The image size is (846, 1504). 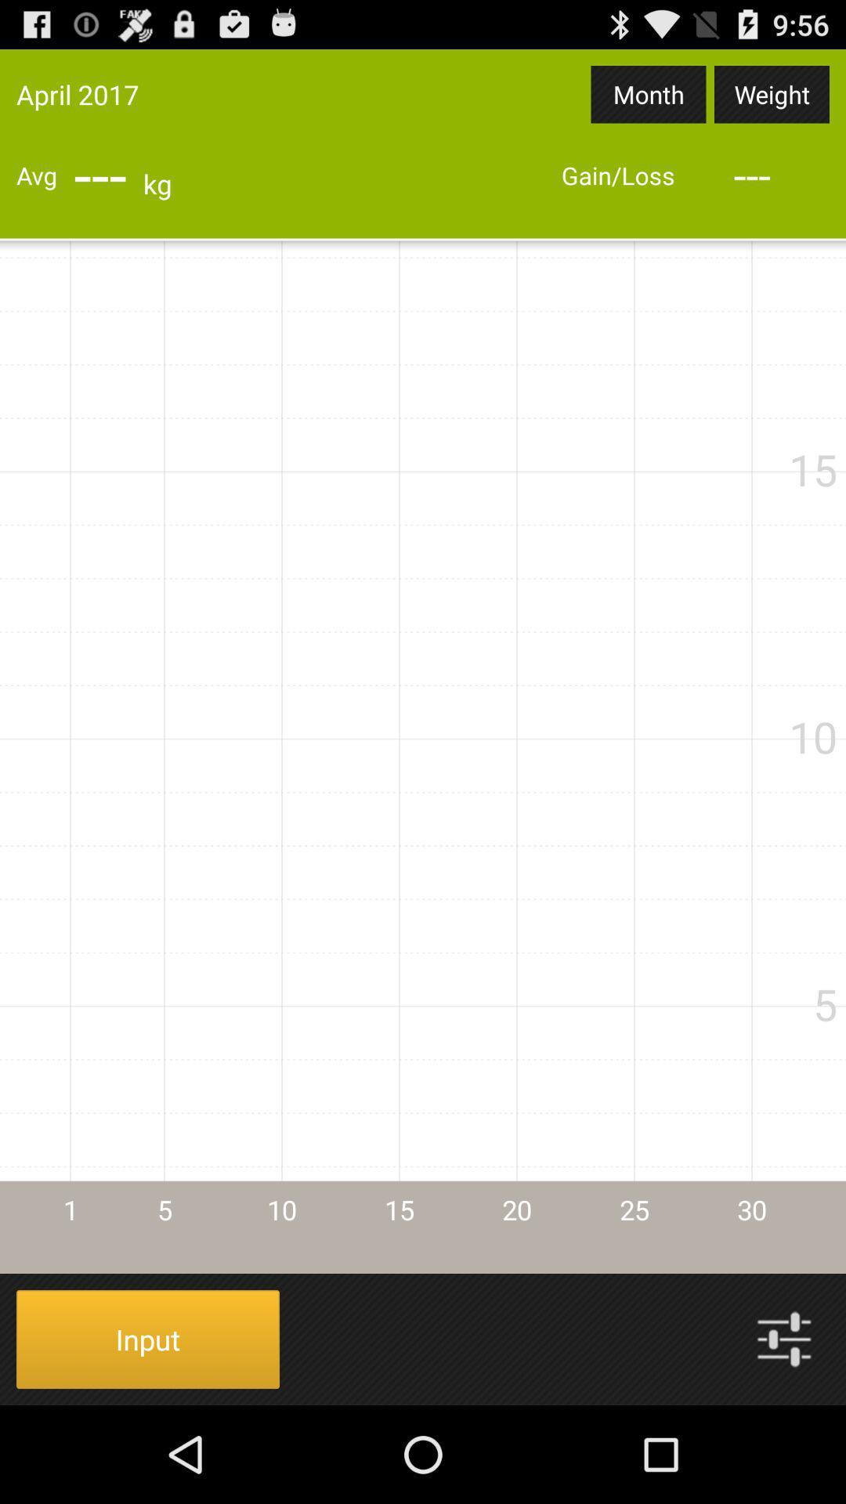 I want to click on the item at the bottom left corner, so click(x=148, y=1338).